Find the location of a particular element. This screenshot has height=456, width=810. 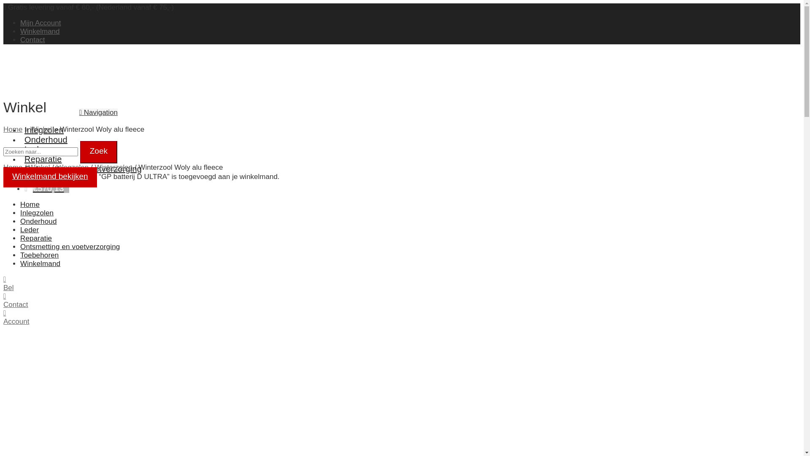

'Bel' is located at coordinates (8, 283).